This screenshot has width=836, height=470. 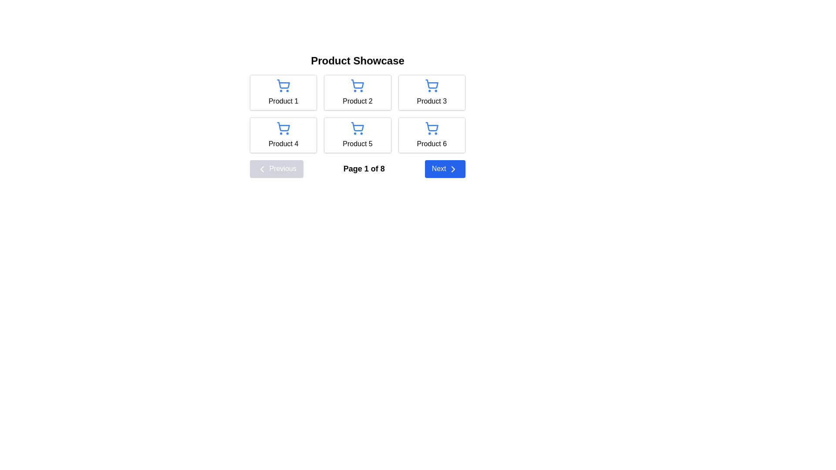 What do you see at coordinates (431, 92) in the screenshot?
I see `the static card component displaying 'Product 3' with a shopping cart icon located in the top-right corner of the grid layout` at bounding box center [431, 92].